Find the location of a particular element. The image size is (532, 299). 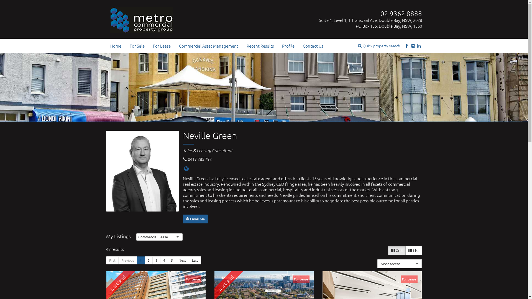

'Commercial Lease is located at coordinates (159, 237).